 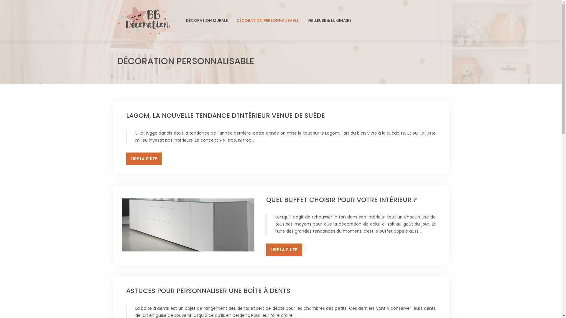 What do you see at coordinates (329, 20) in the screenshot?
I see `'VEILLEUSE & LUMINAIRE'` at bounding box center [329, 20].